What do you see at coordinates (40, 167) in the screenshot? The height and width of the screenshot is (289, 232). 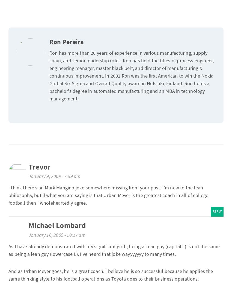 I see `'Trevor'` at bounding box center [40, 167].